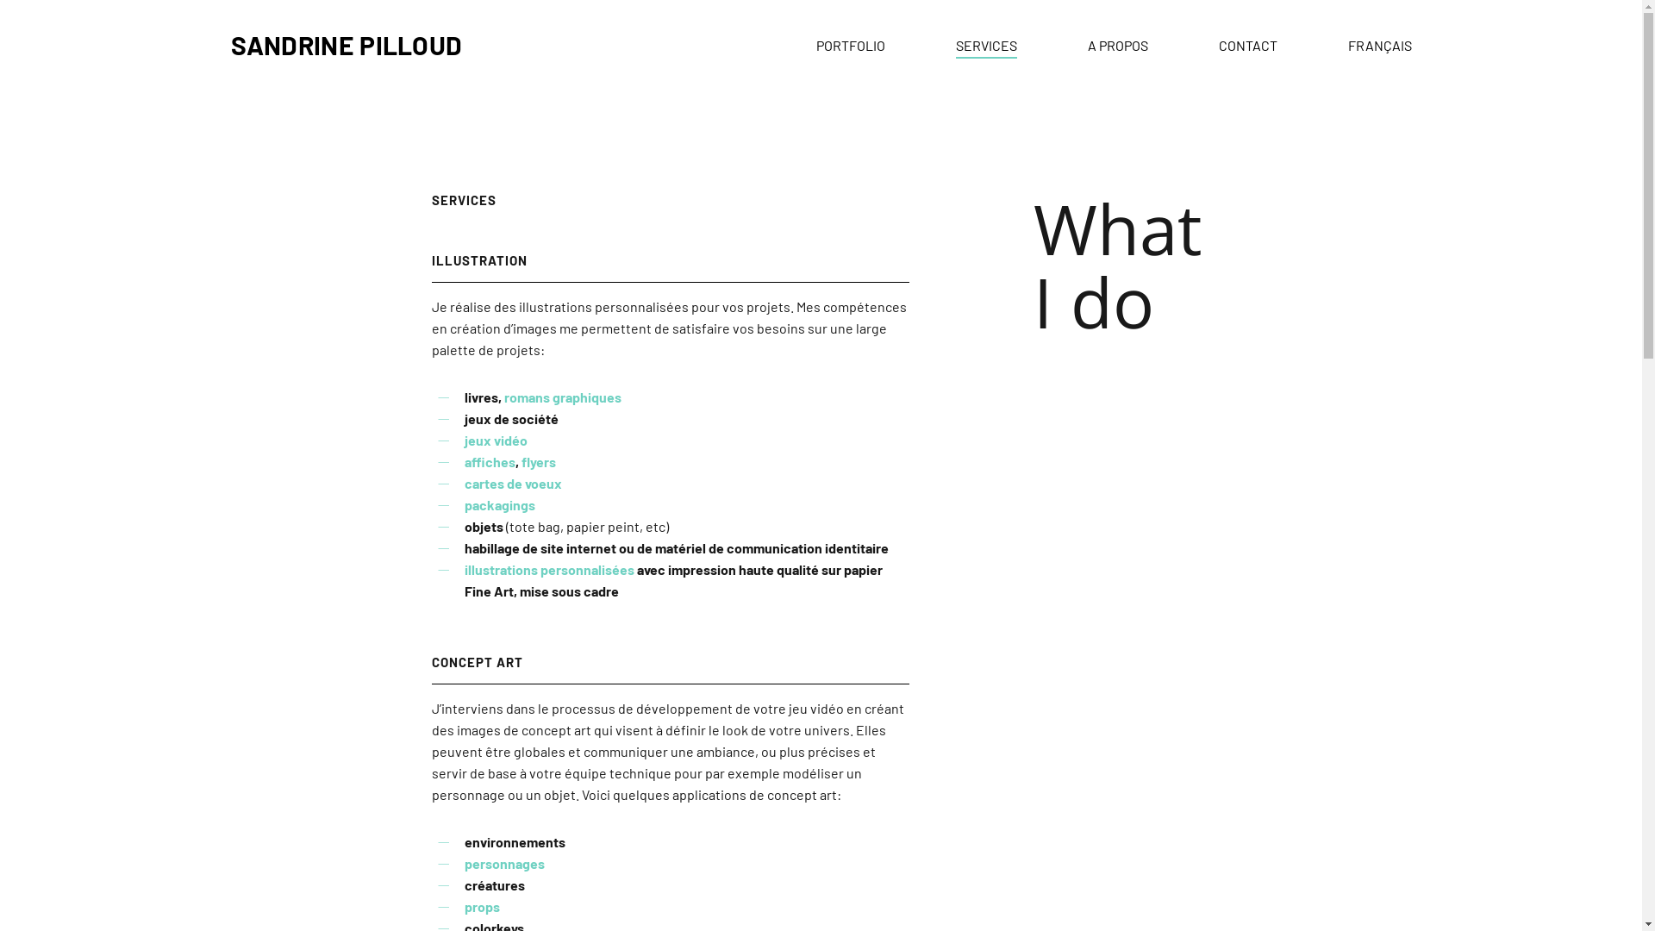 The width and height of the screenshot is (1655, 931). I want to click on 'props', so click(482, 905).